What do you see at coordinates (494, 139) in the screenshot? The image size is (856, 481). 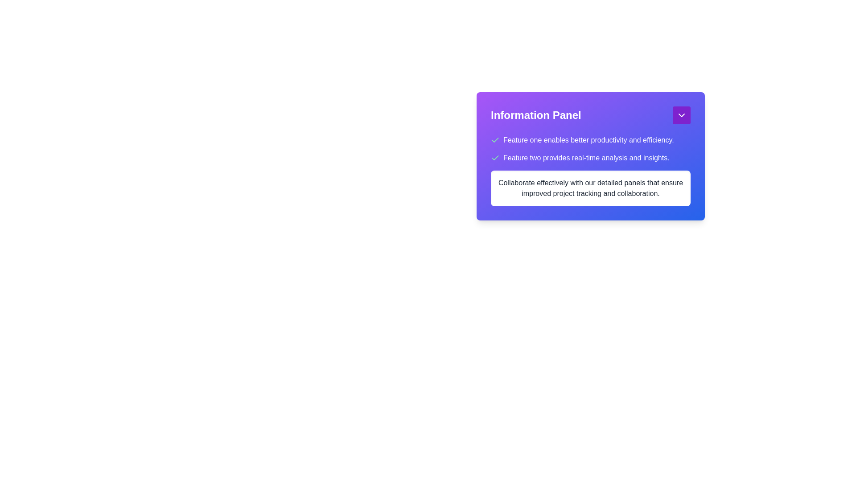 I see `the checkmark icon with a thick green line indicating completion, located in the second row under the 'Information Panel' next to the text 'Feature two provides real-time analysis and insights.'` at bounding box center [494, 139].